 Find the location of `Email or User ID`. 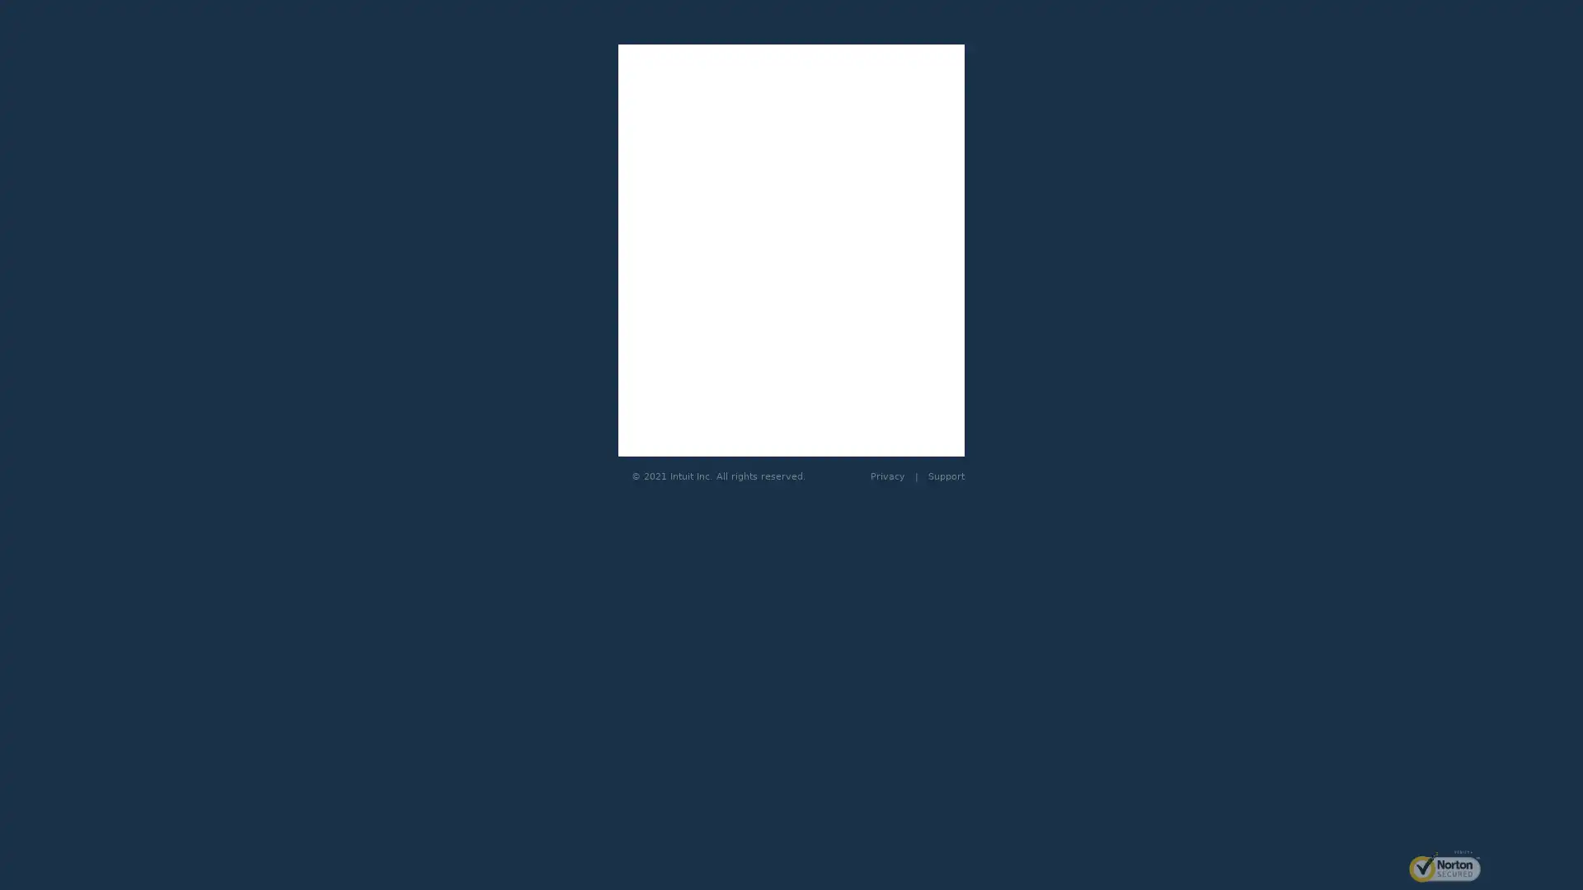

Email or User ID is located at coordinates (725, 316).